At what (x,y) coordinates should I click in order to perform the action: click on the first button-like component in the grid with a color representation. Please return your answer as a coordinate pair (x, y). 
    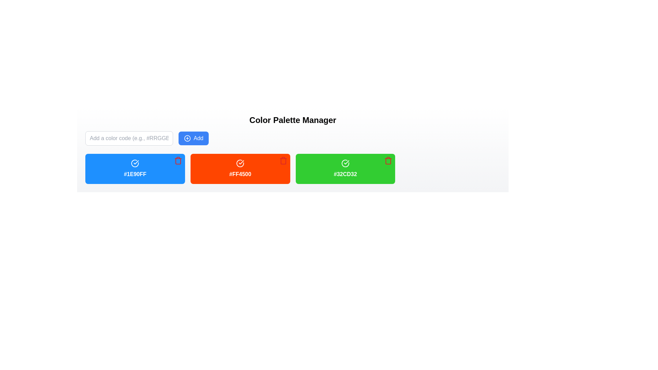
    Looking at the image, I should click on (135, 169).